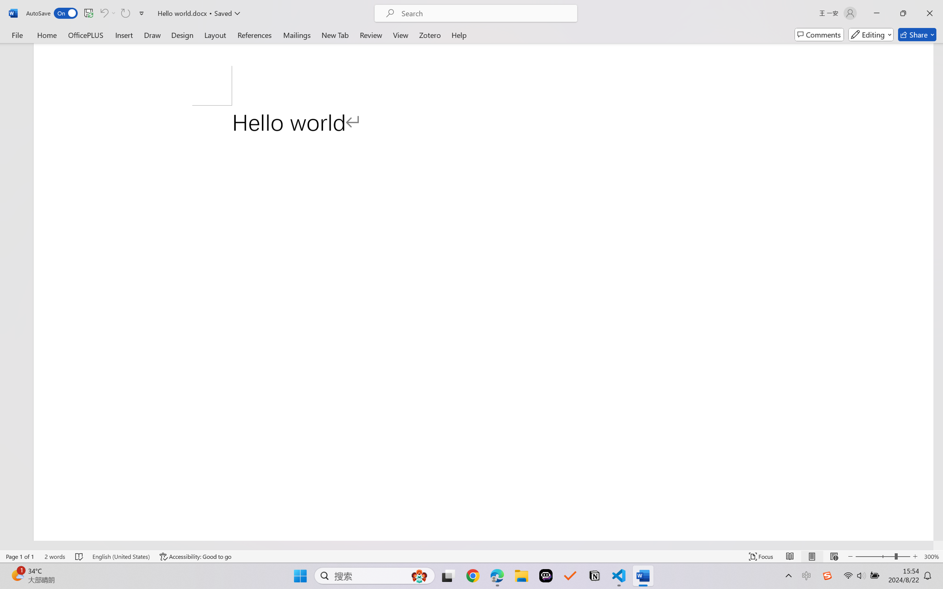 The image size is (943, 589). What do you see at coordinates (874, 556) in the screenshot?
I see `'Zoom Out'` at bounding box center [874, 556].